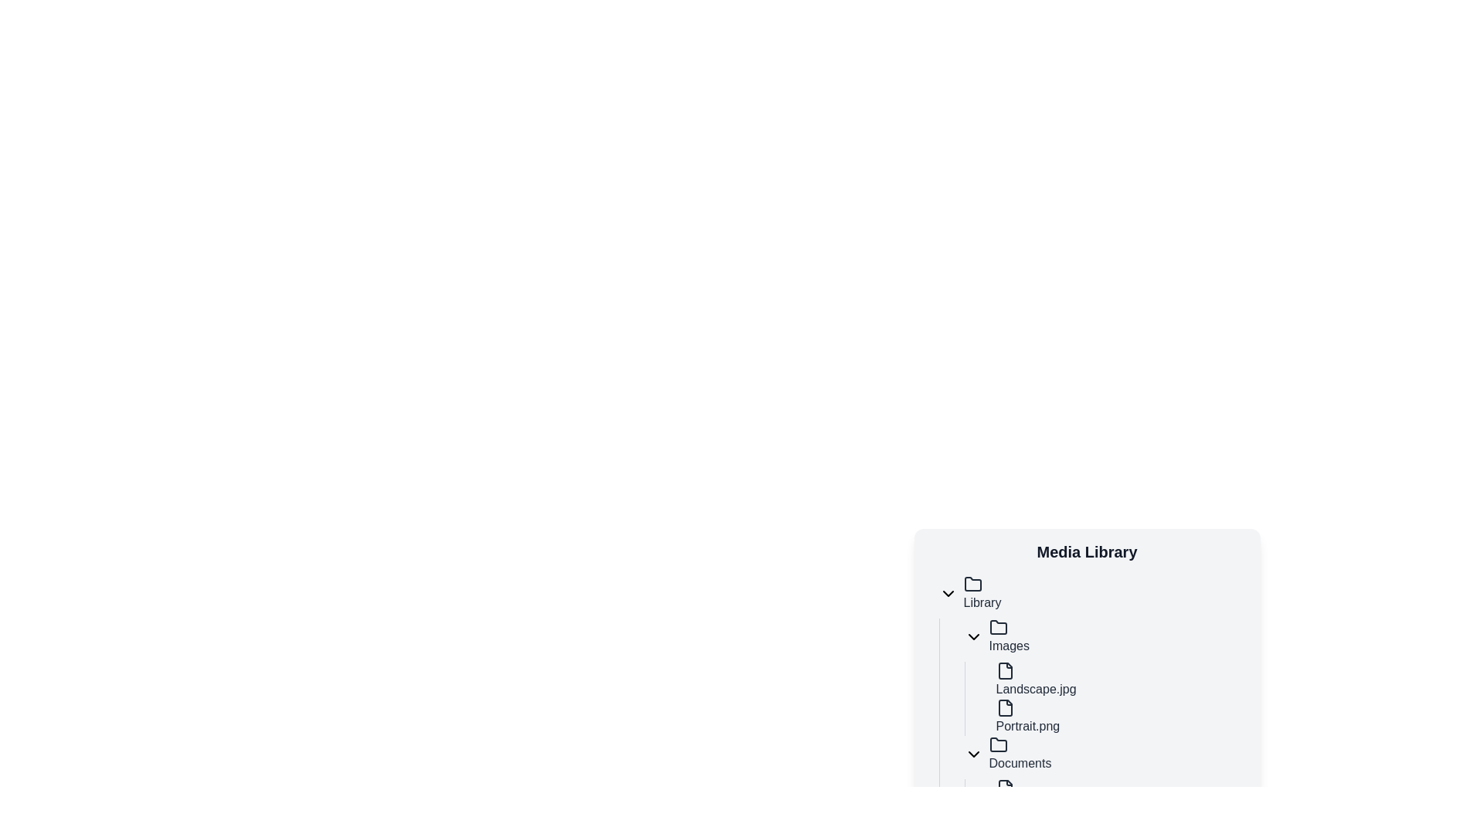 Image resolution: width=1483 pixels, height=834 pixels. Describe the element at coordinates (998, 744) in the screenshot. I see `the folder icon in the 'Documents' section of the file tree` at that location.